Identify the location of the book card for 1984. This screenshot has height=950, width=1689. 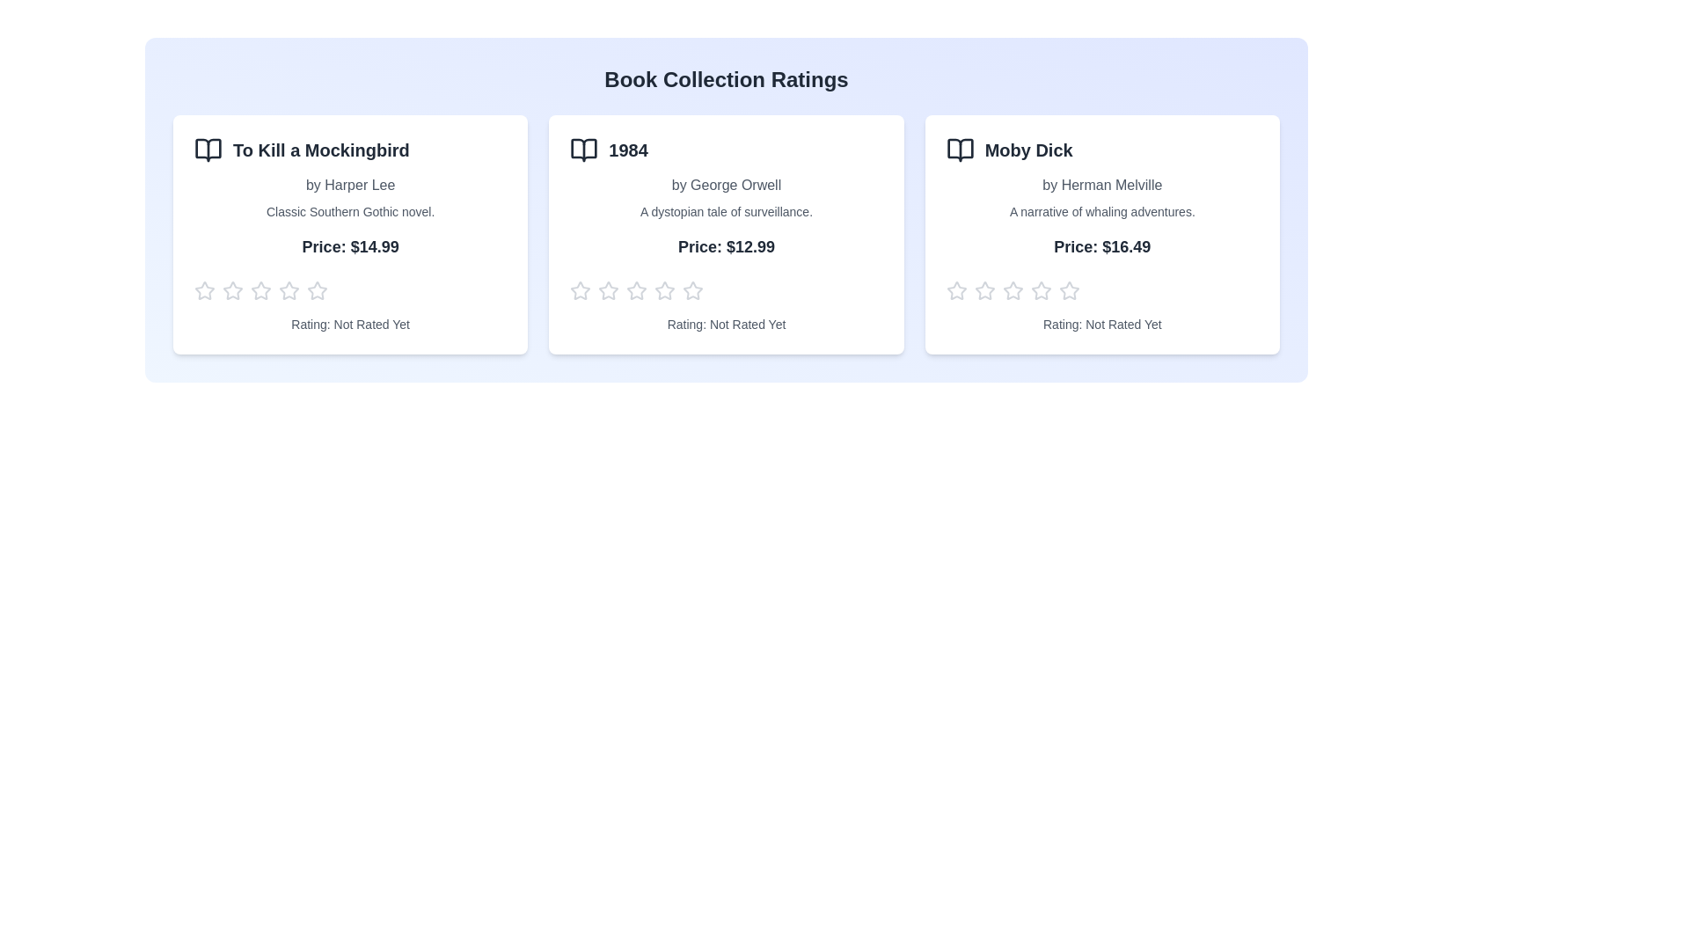
(726, 233).